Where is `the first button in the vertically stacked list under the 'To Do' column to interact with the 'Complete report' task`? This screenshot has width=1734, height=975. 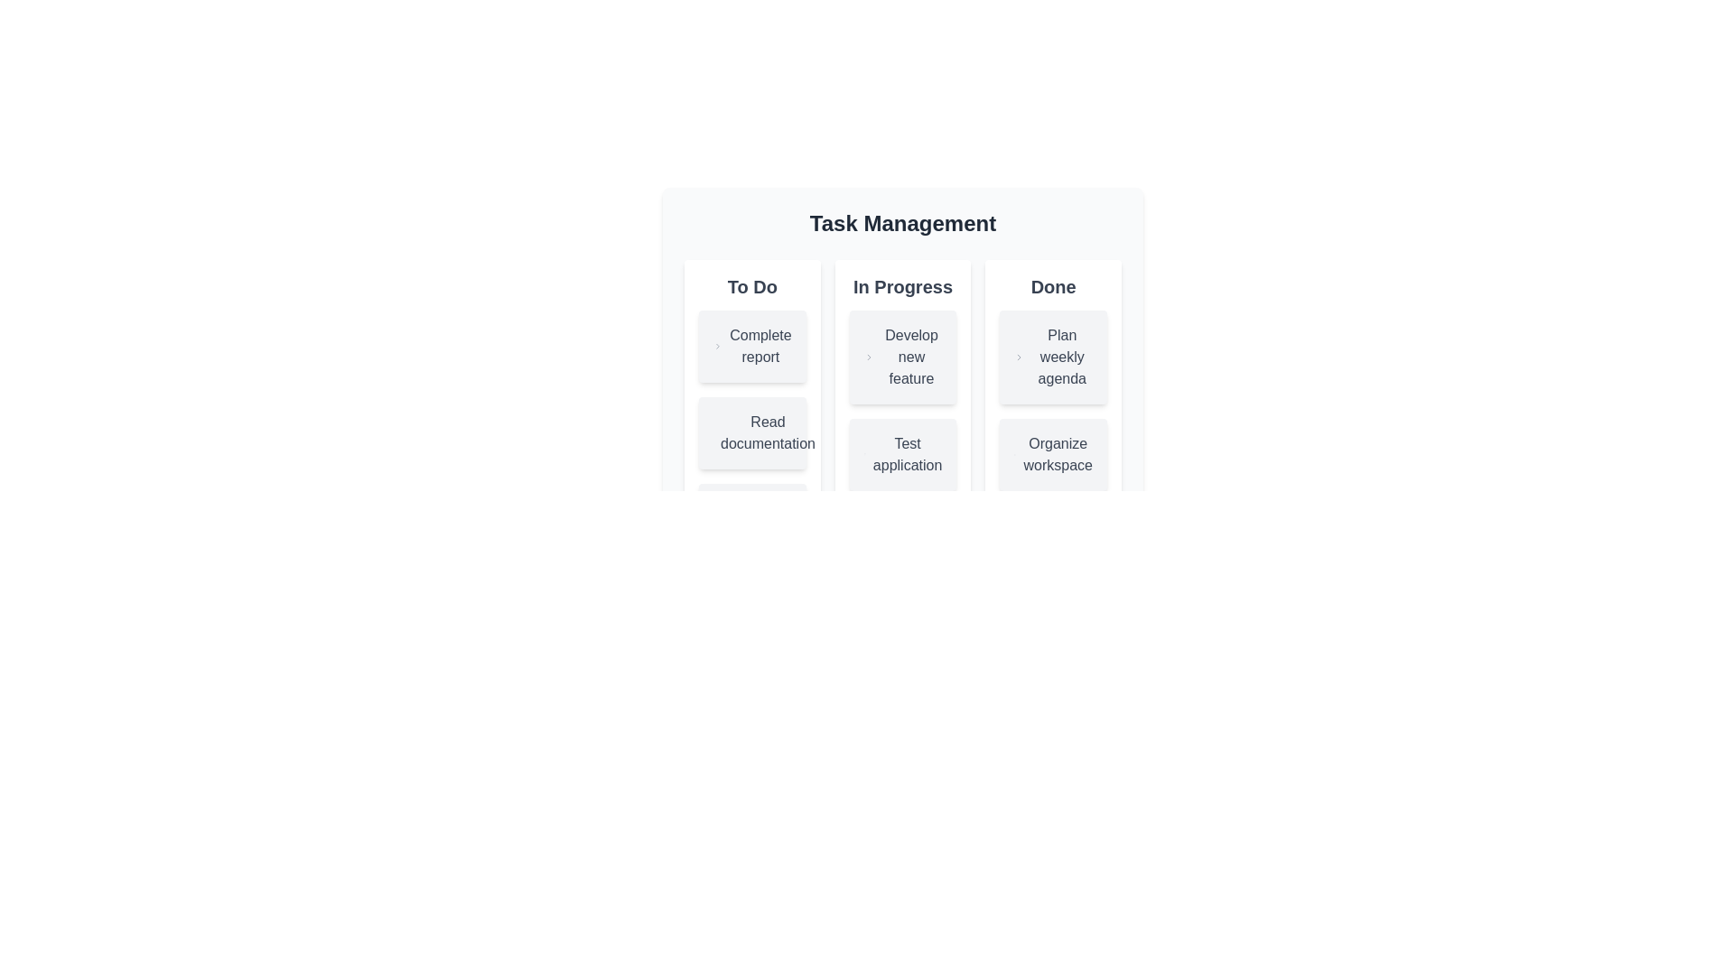
the first button in the vertically stacked list under the 'To Do' column to interact with the 'Complete report' task is located at coordinates (752, 347).